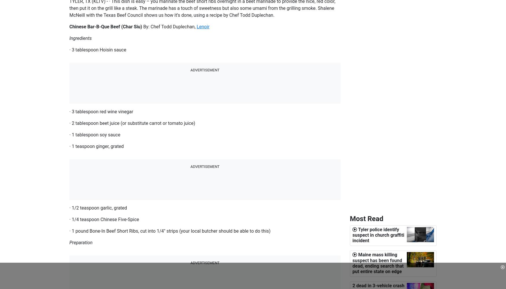 This screenshot has height=289, width=506. Describe the element at coordinates (97, 50) in the screenshot. I see `'· 3 tablespoon Hoisin sauce'` at that location.